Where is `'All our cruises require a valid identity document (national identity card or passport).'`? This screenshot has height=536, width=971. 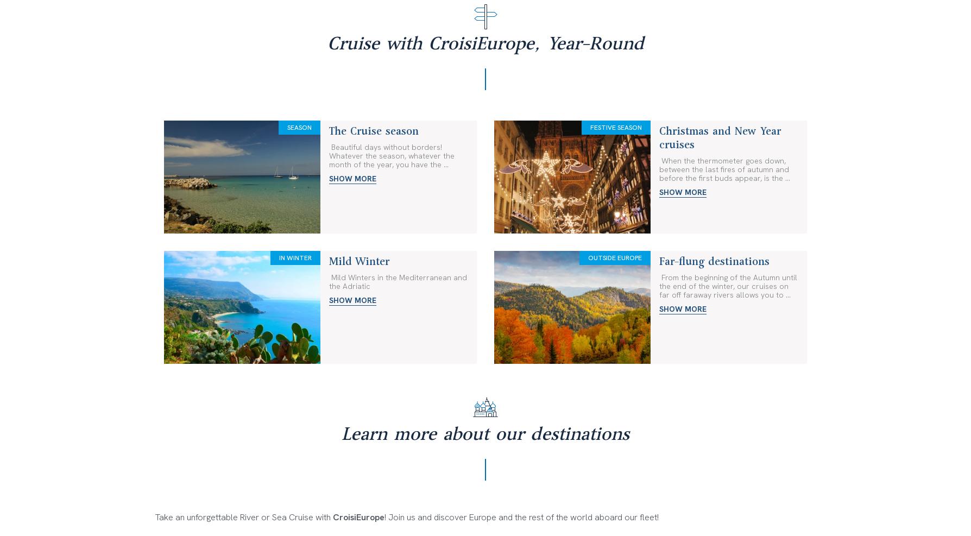
'All our cruises require a valid identity document (national identity card or passport).' is located at coordinates (329, 272).